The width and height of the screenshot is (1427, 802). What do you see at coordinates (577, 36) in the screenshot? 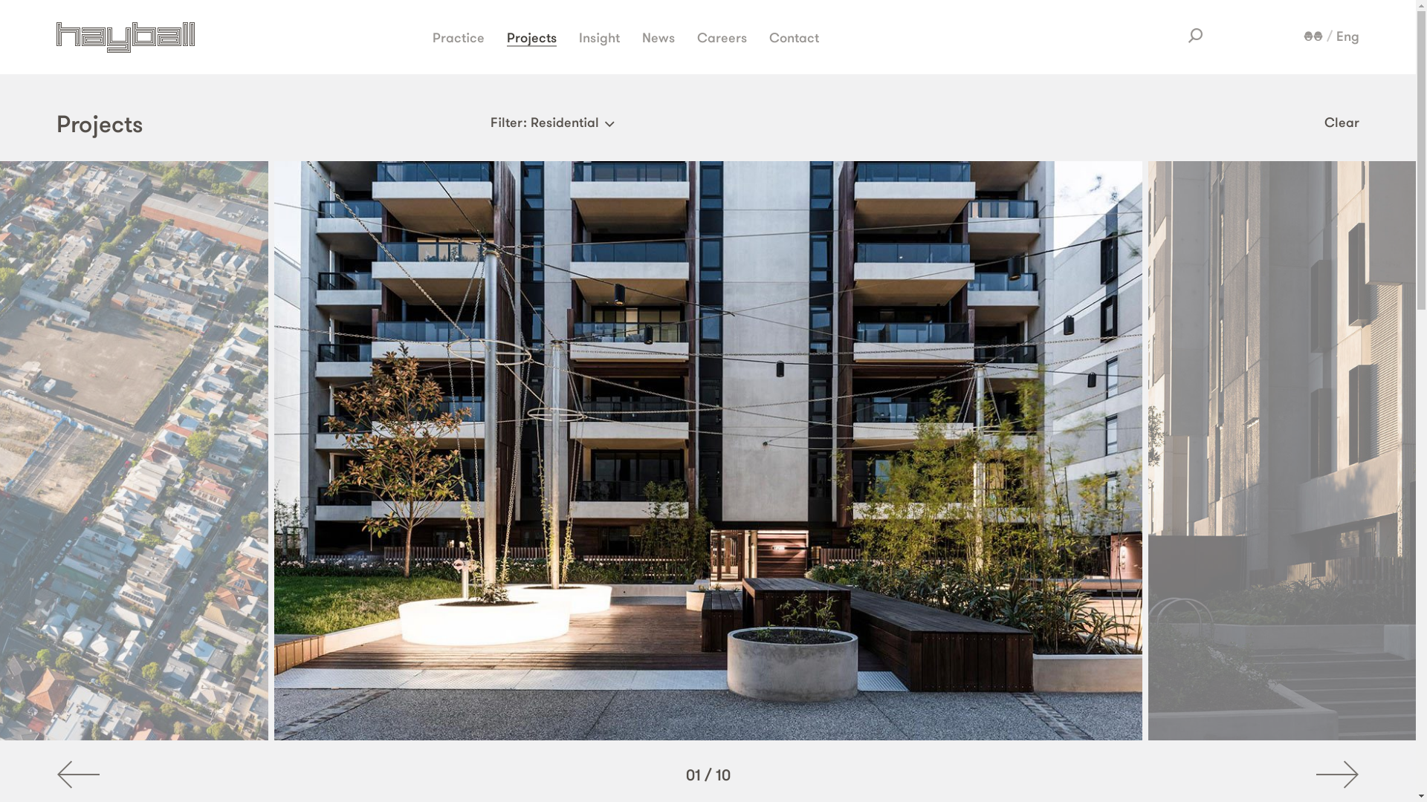
I see `'Insight'` at bounding box center [577, 36].